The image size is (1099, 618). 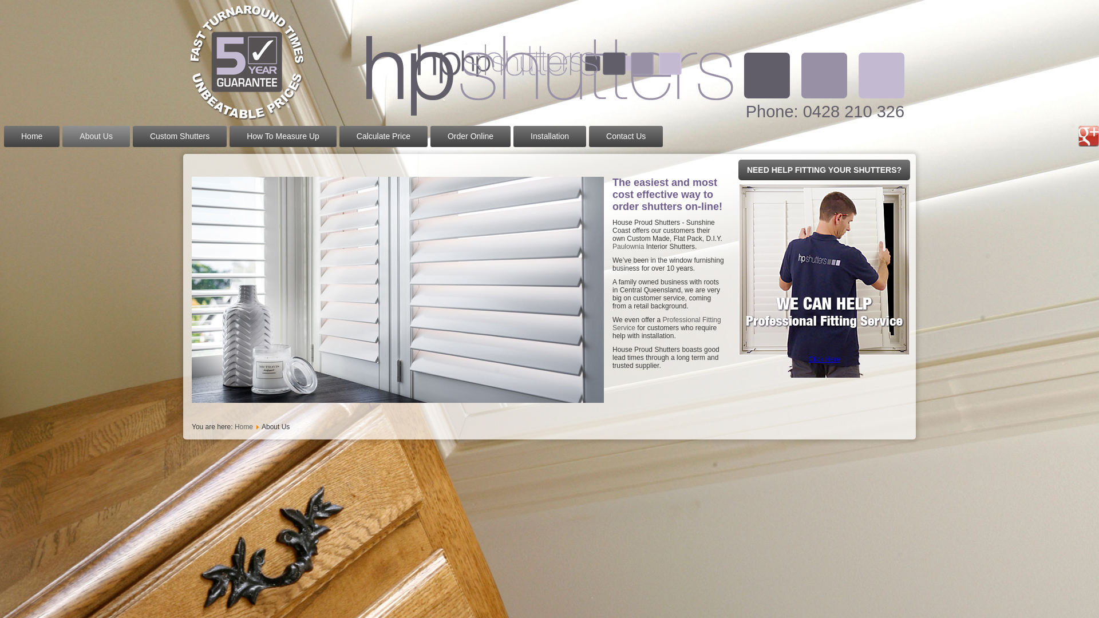 What do you see at coordinates (667, 324) in the screenshot?
I see `'Professional Fitting Service'` at bounding box center [667, 324].